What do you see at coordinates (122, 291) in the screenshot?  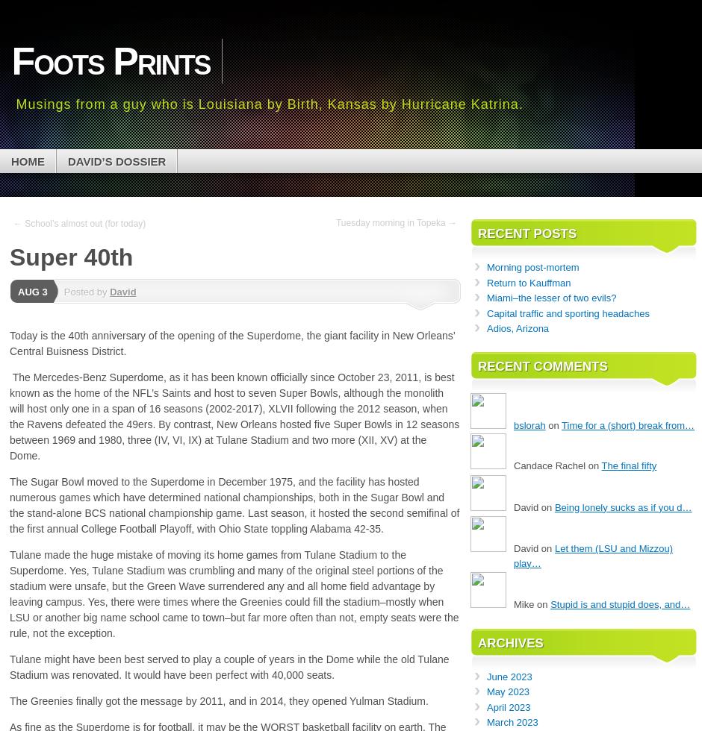 I see `'David'` at bounding box center [122, 291].